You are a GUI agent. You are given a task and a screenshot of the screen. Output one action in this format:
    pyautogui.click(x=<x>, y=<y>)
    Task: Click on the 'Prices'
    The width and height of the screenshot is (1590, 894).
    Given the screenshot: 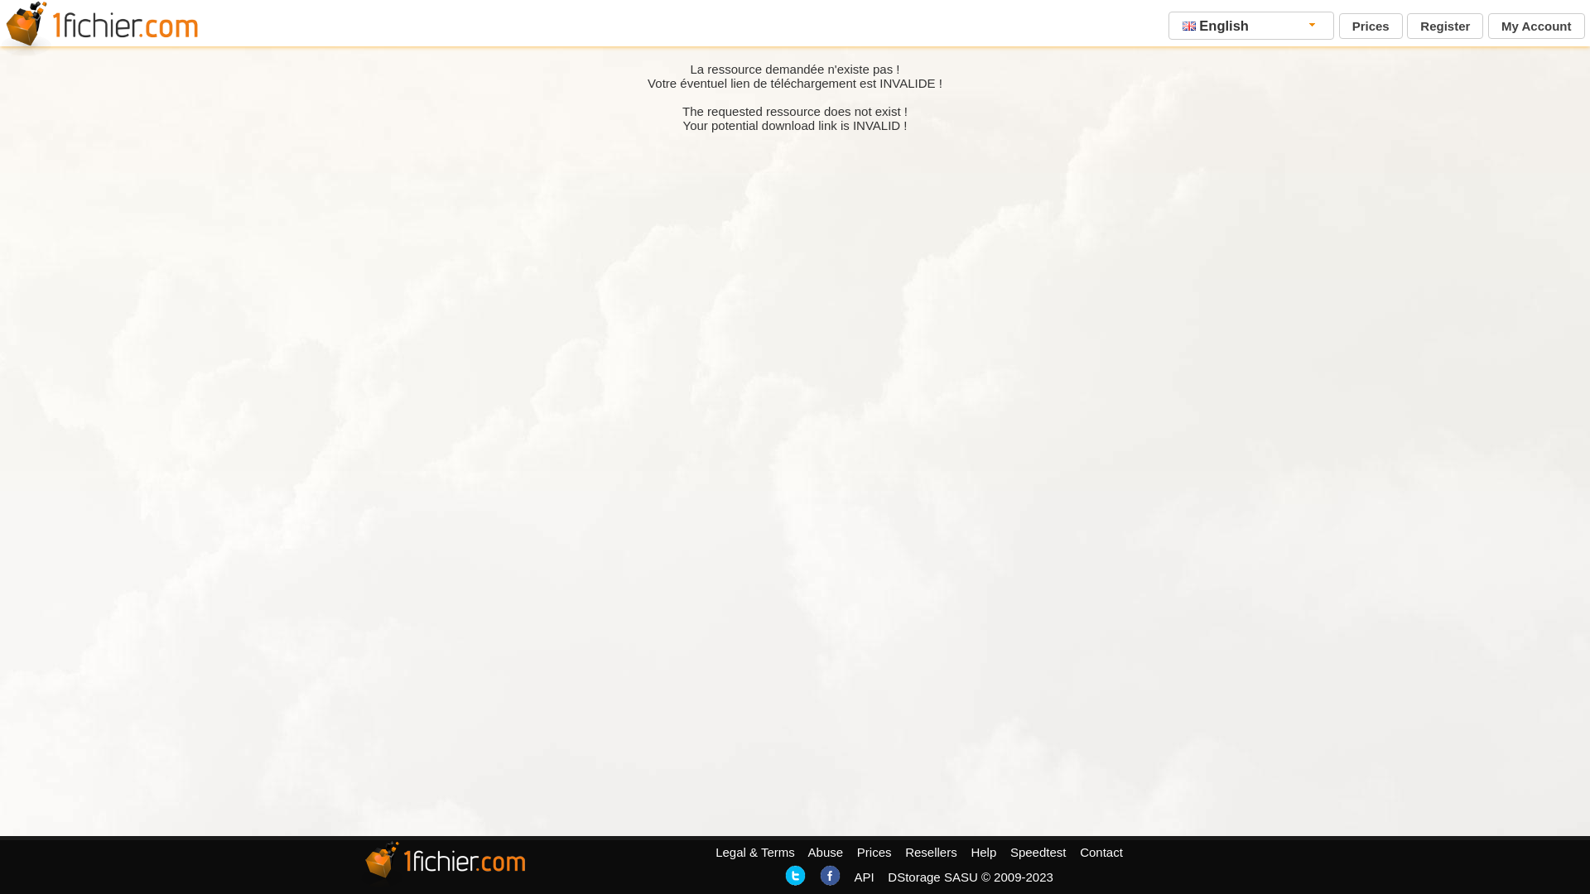 What is the action you would take?
    pyautogui.click(x=1339, y=26)
    